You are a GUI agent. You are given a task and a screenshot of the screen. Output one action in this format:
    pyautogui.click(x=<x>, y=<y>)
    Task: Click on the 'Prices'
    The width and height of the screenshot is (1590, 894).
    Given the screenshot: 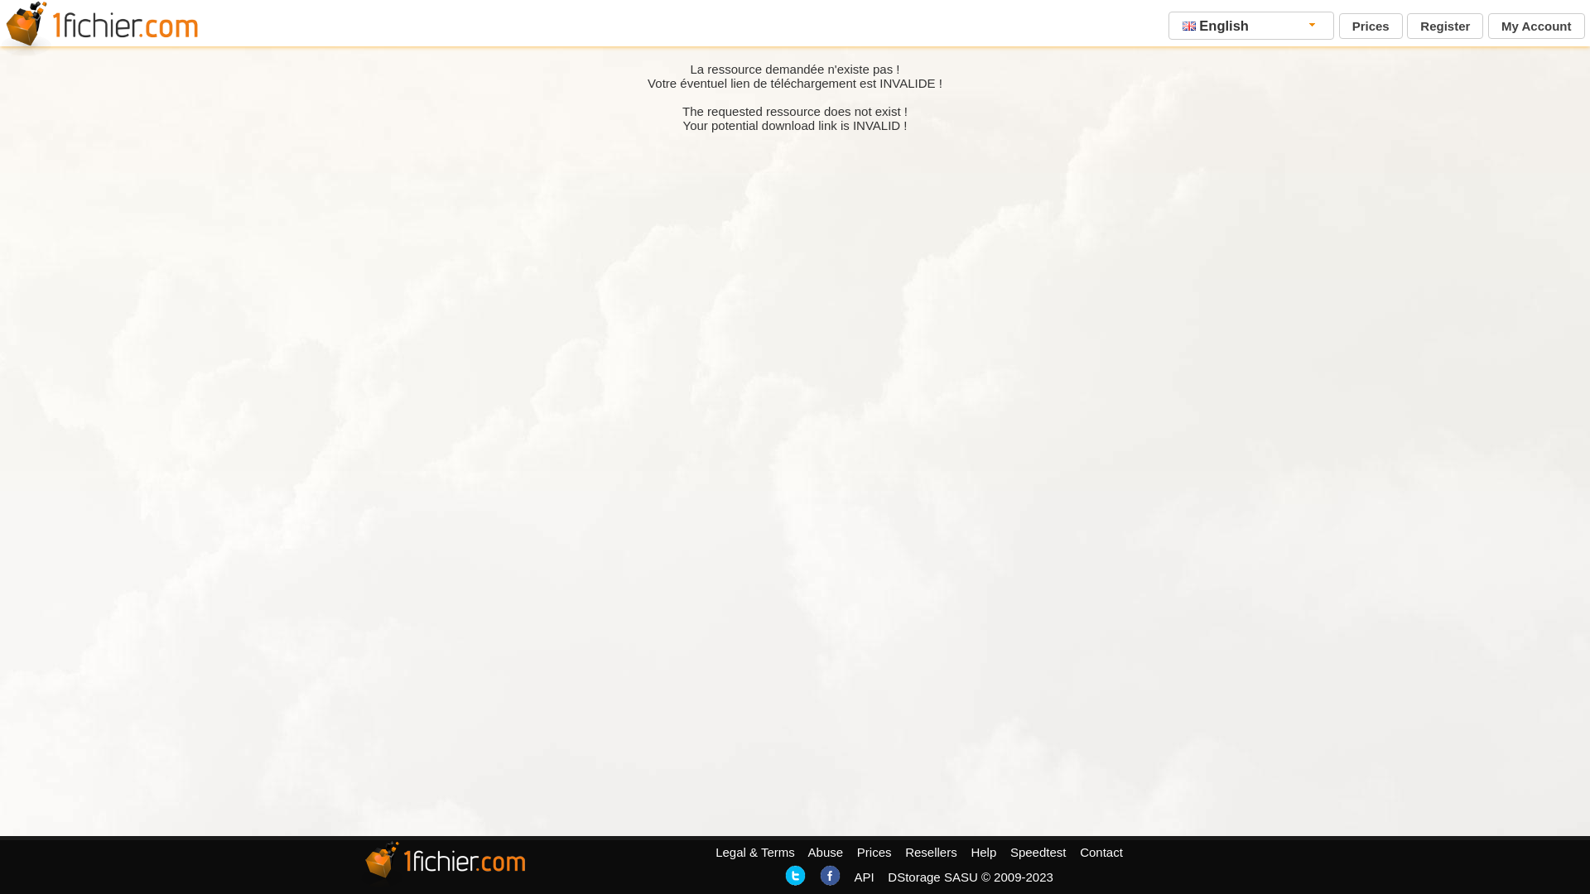 What is the action you would take?
    pyautogui.click(x=1339, y=26)
    